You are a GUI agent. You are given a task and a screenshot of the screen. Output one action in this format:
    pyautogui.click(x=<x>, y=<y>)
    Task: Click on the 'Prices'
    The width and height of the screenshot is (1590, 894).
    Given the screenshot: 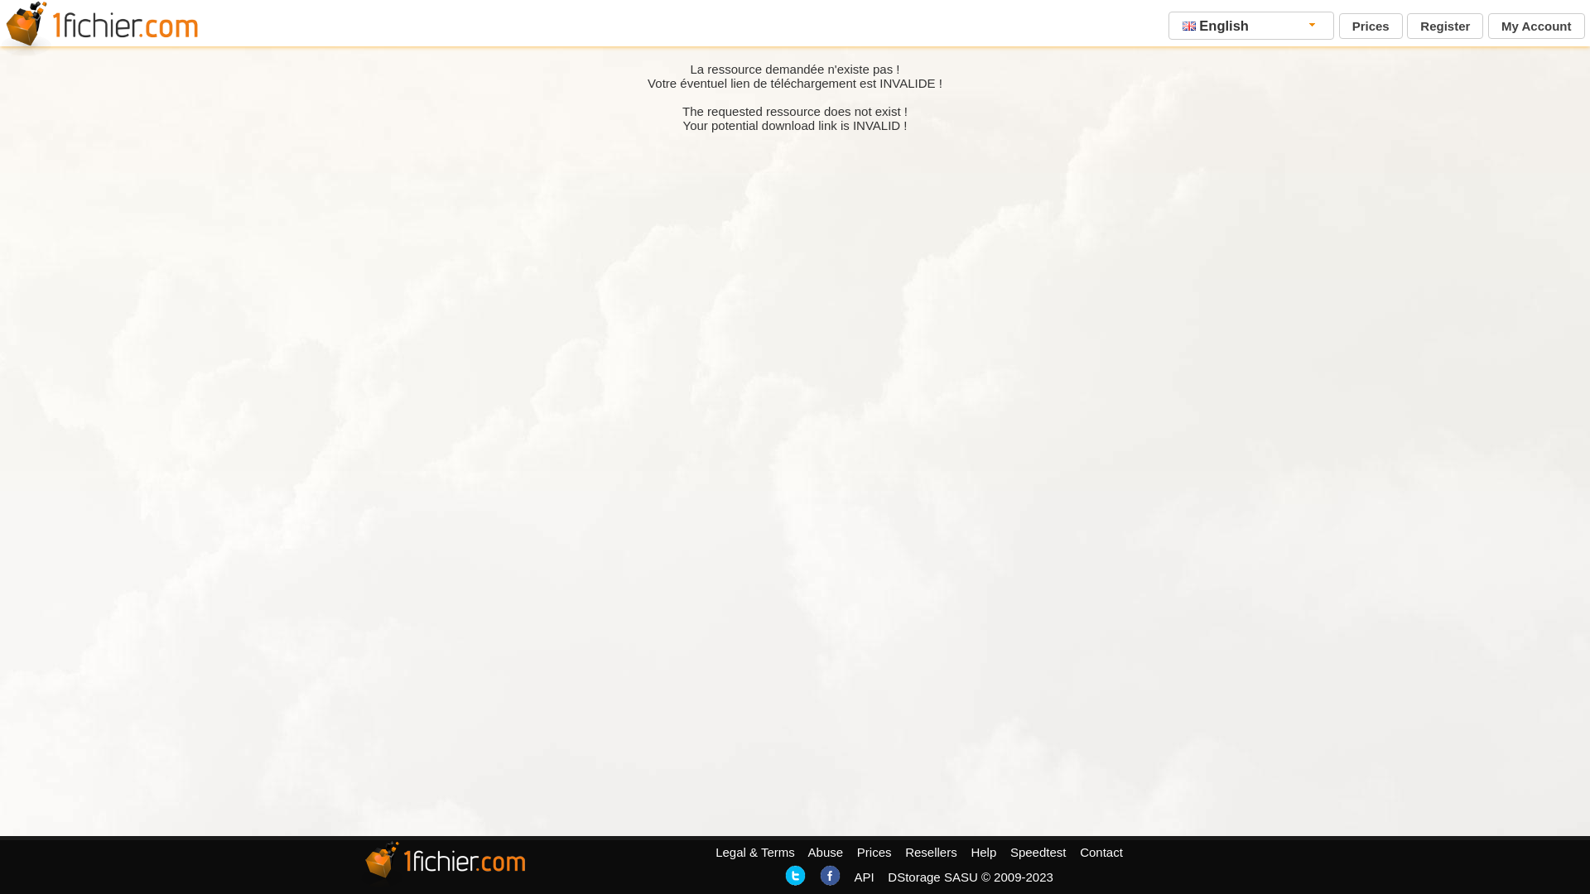 What is the action you would take?
    pyautogui.click(x=1339, y=26)
    